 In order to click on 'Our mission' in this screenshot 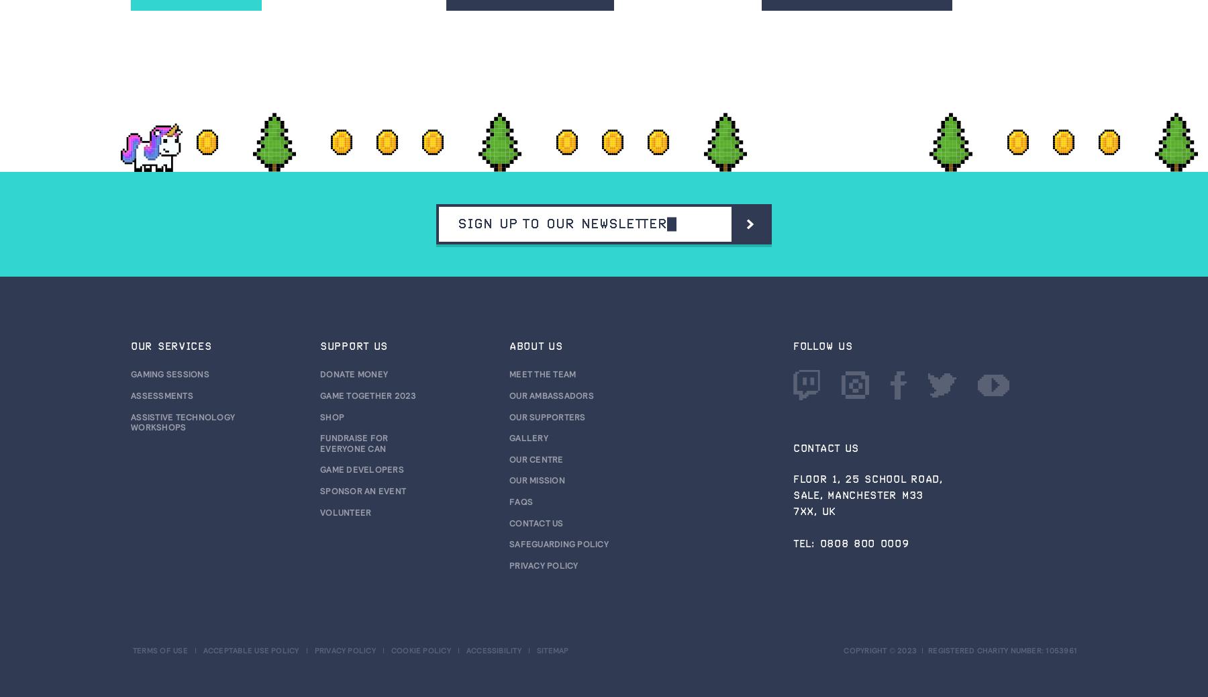, I will do `click(509, 480)`.